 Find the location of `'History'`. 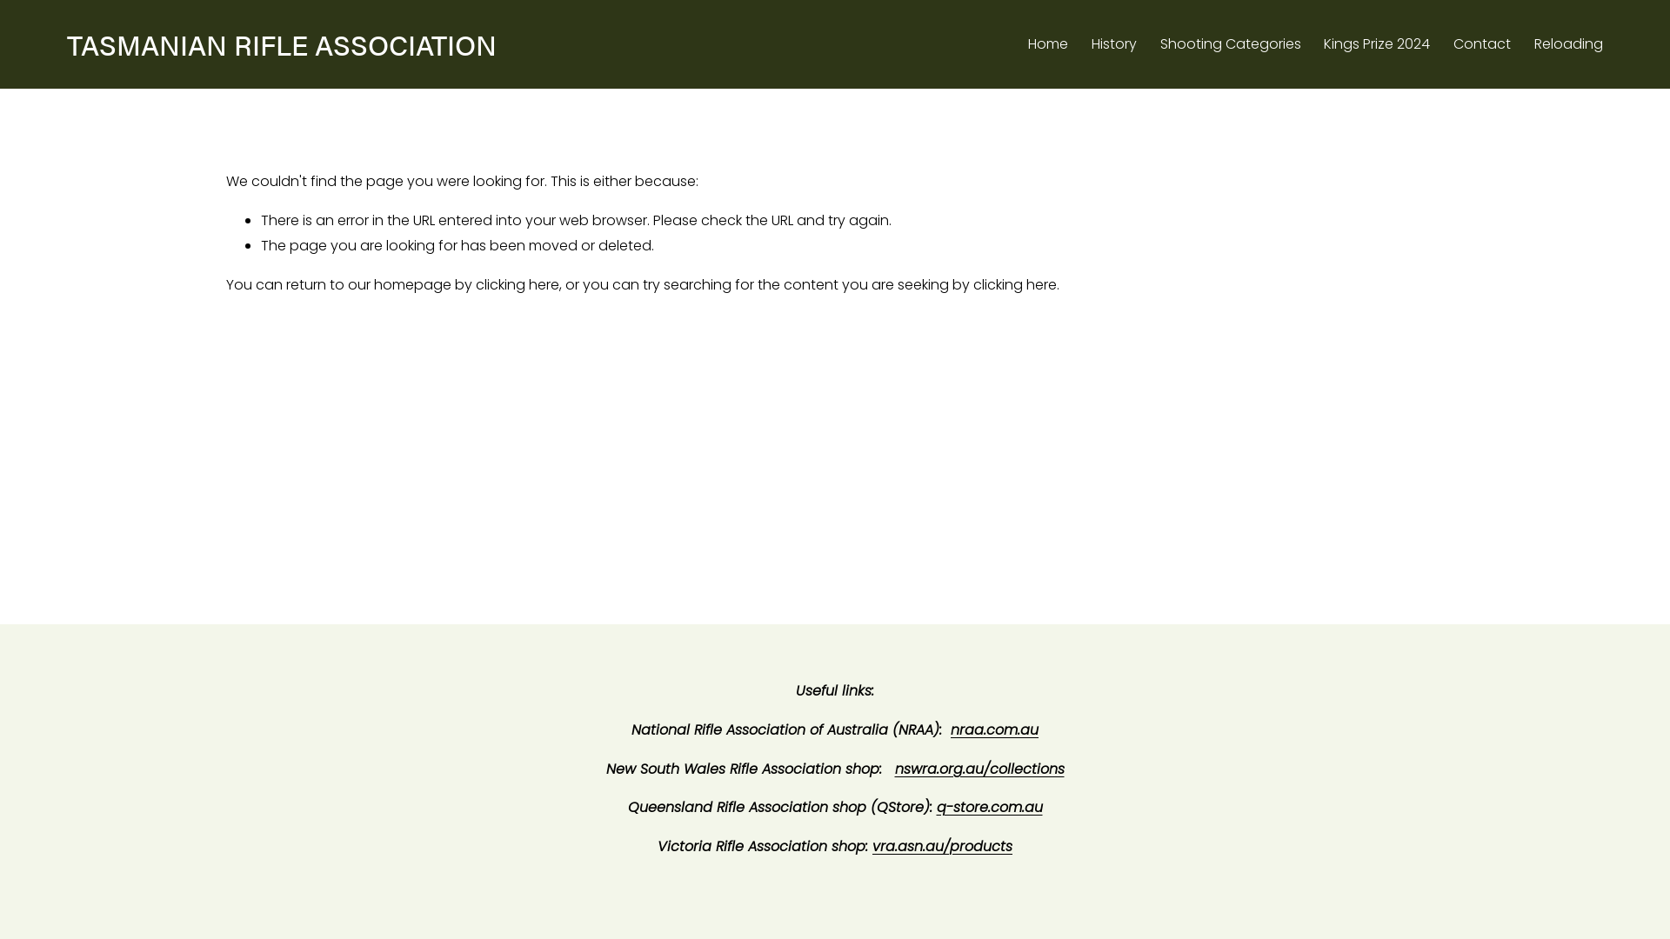

'History' is located at coordinates (1114, 43).